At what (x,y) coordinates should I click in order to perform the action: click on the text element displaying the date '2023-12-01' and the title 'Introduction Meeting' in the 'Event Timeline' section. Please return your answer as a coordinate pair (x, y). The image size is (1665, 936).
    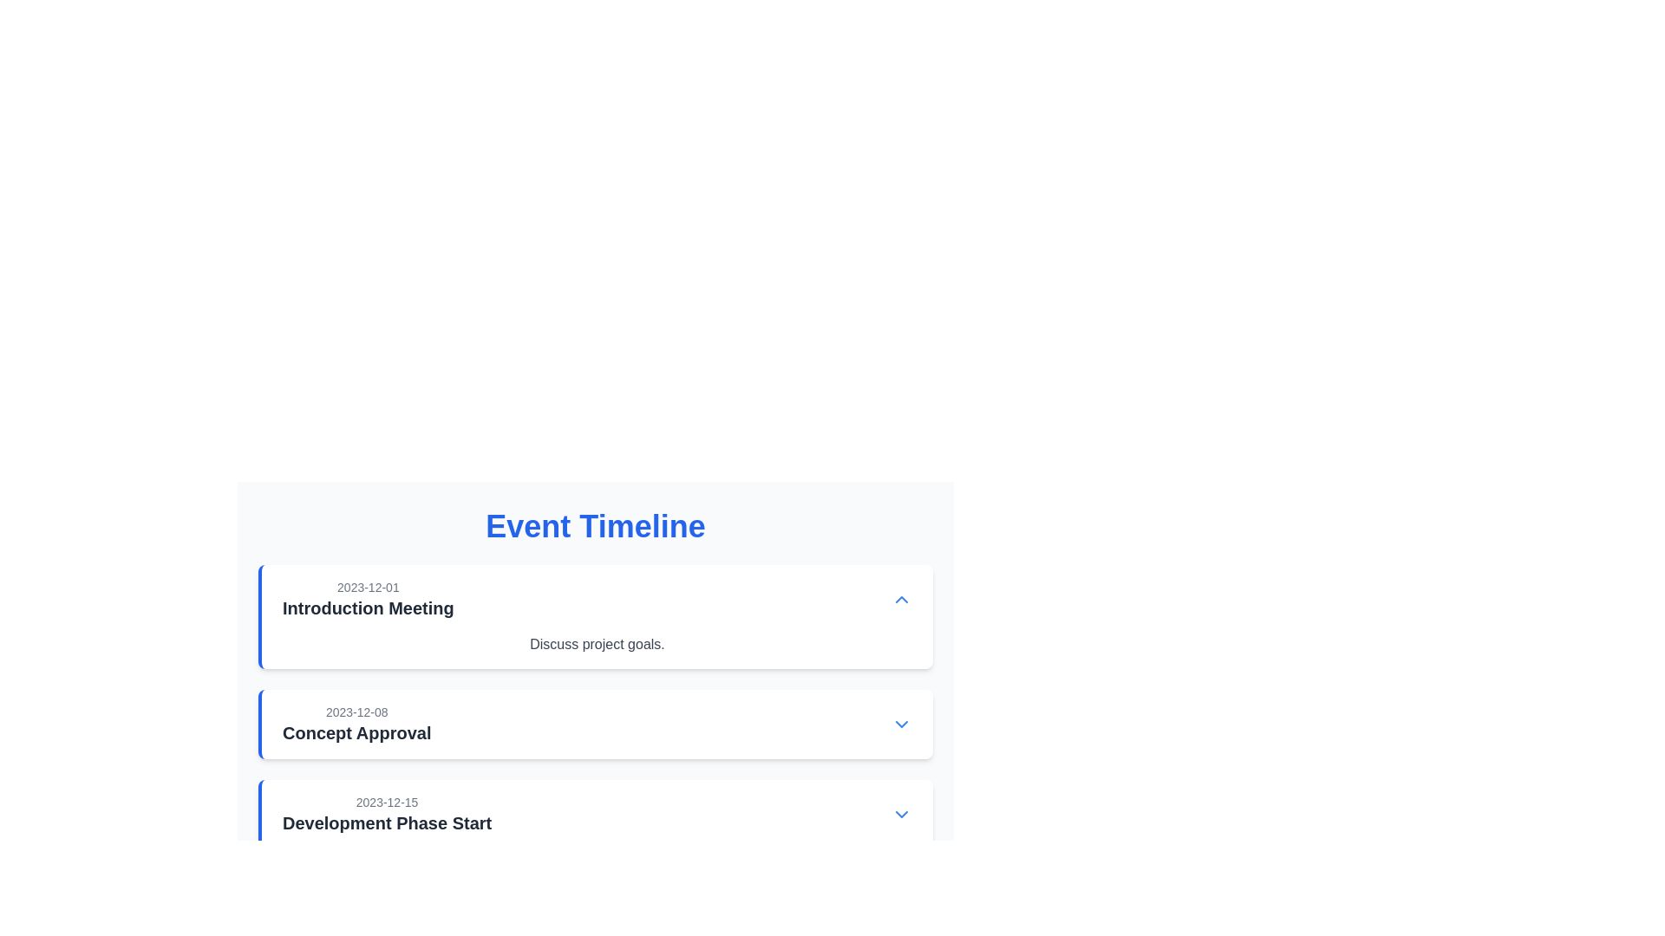
    Looking at the image, I should click on (367, 598).